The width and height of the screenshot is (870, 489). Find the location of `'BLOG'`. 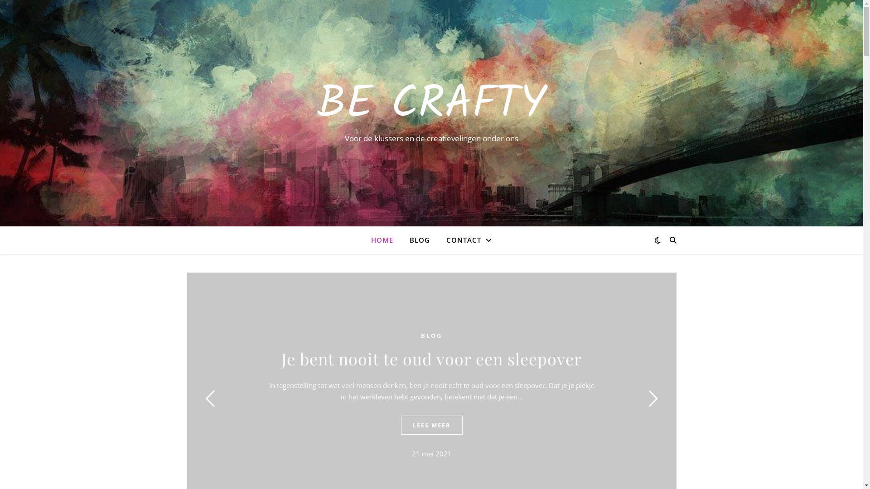

'BLOG' is located at coordinates (420, 335).